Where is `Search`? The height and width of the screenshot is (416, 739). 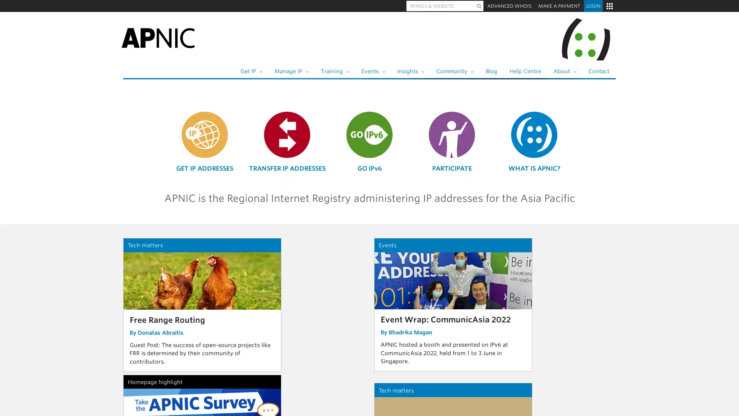 Search is located at coordinates (478, 6).